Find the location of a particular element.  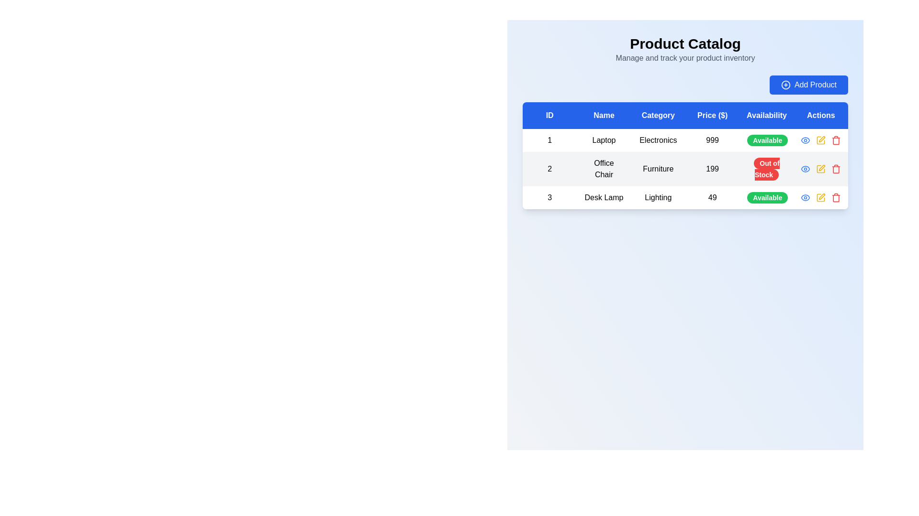

the yellow edit button, which is a pen icon located as the second action icon in the 'Actions' column of the first row of the product table labeled 'Product Catalog' is located at coordinates (820, 140).